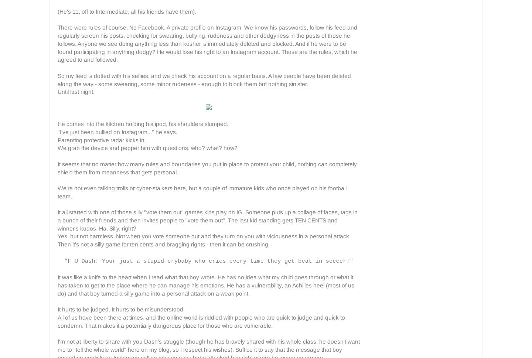 The width and height of the screenshot is (532, 358). I want to click on 'It hurts to be judged. It hurts to be misunderstood.', so click(121, 309).